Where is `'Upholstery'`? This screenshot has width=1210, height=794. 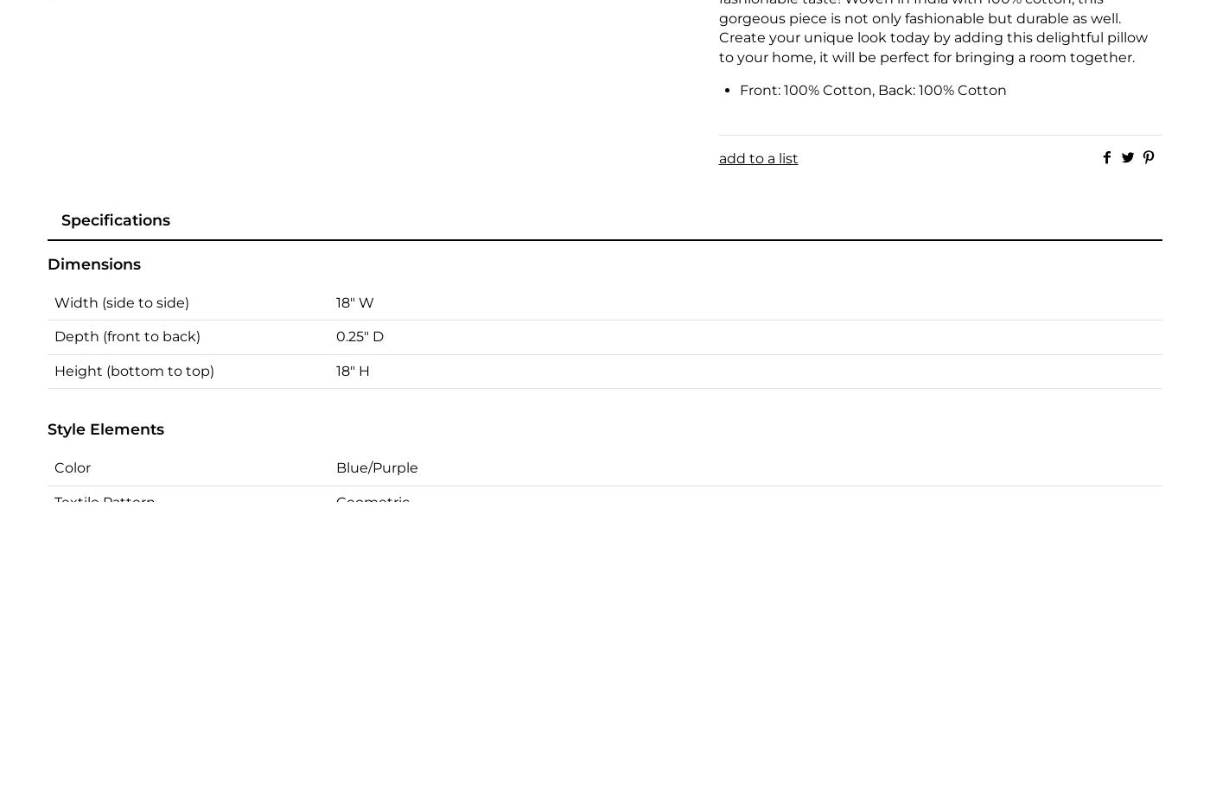
'Upholstery' is located at coordinates (90, 559).